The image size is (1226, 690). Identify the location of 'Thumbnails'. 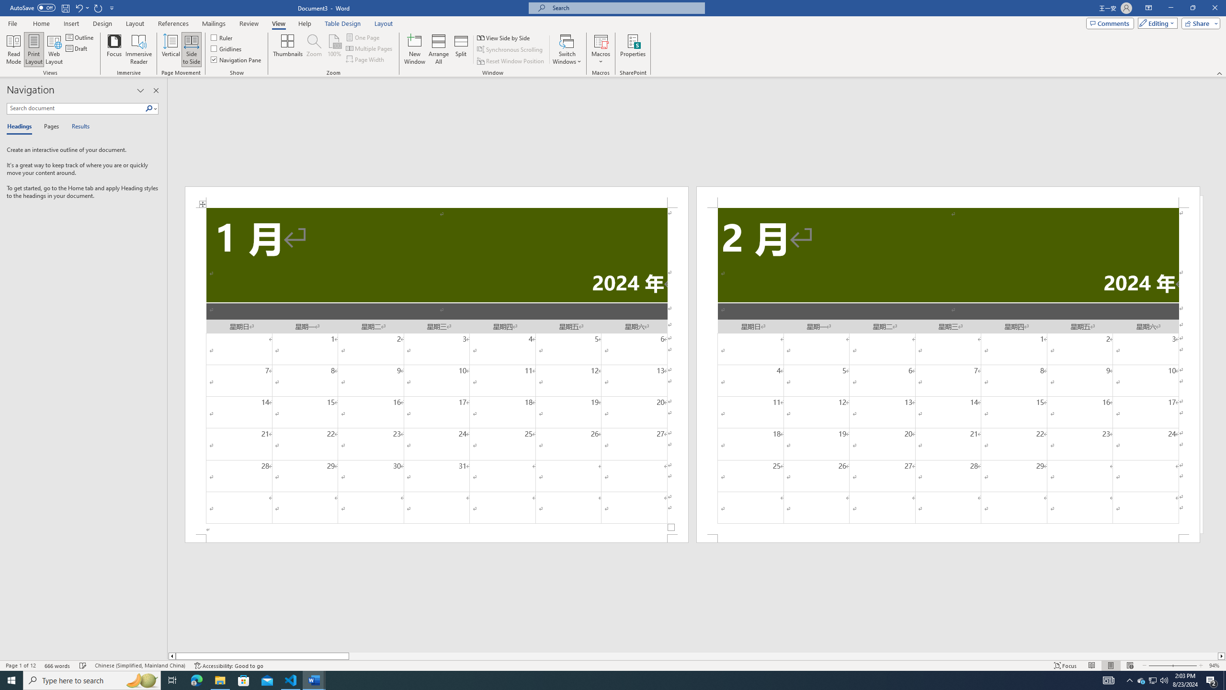
(287, 49).